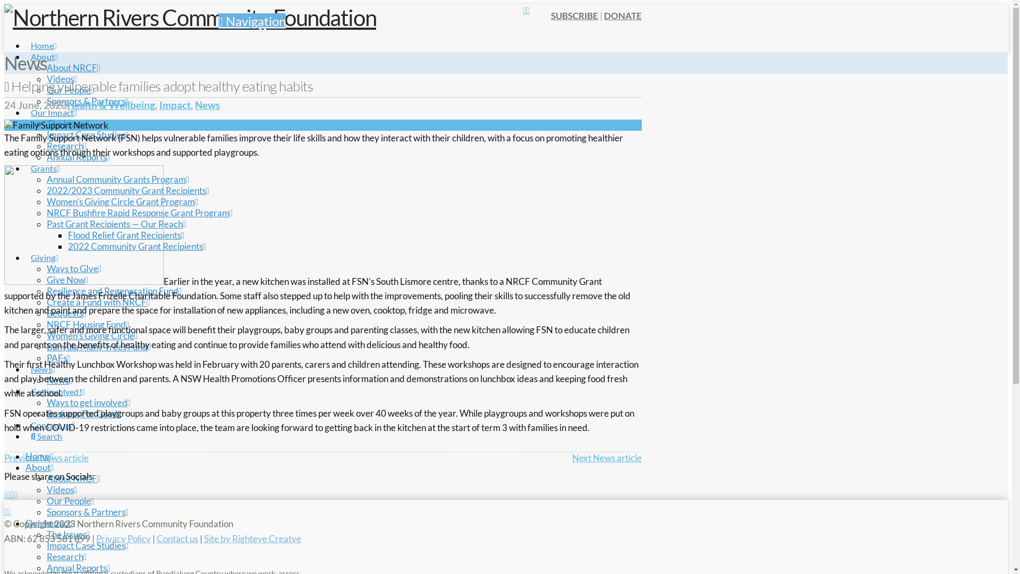 The image size is (1020, 574). I want to click on 'SUBSCRIBE', so click(574, 15).